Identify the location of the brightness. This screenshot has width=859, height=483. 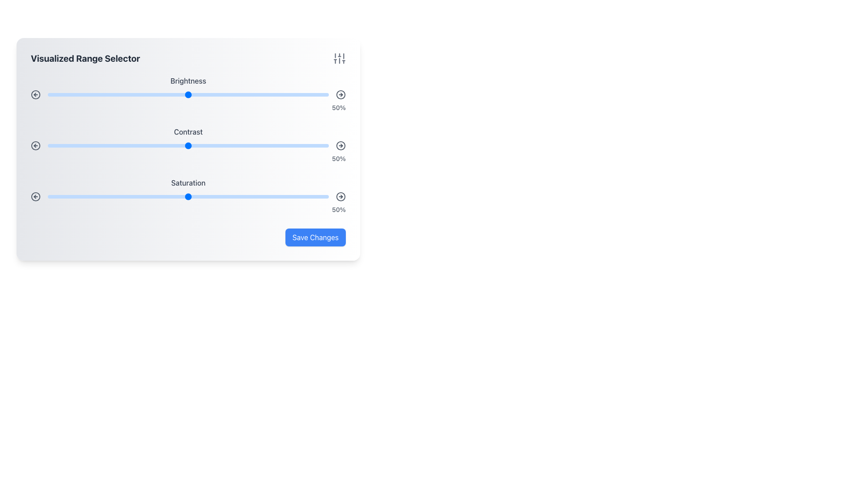
(255, 95).